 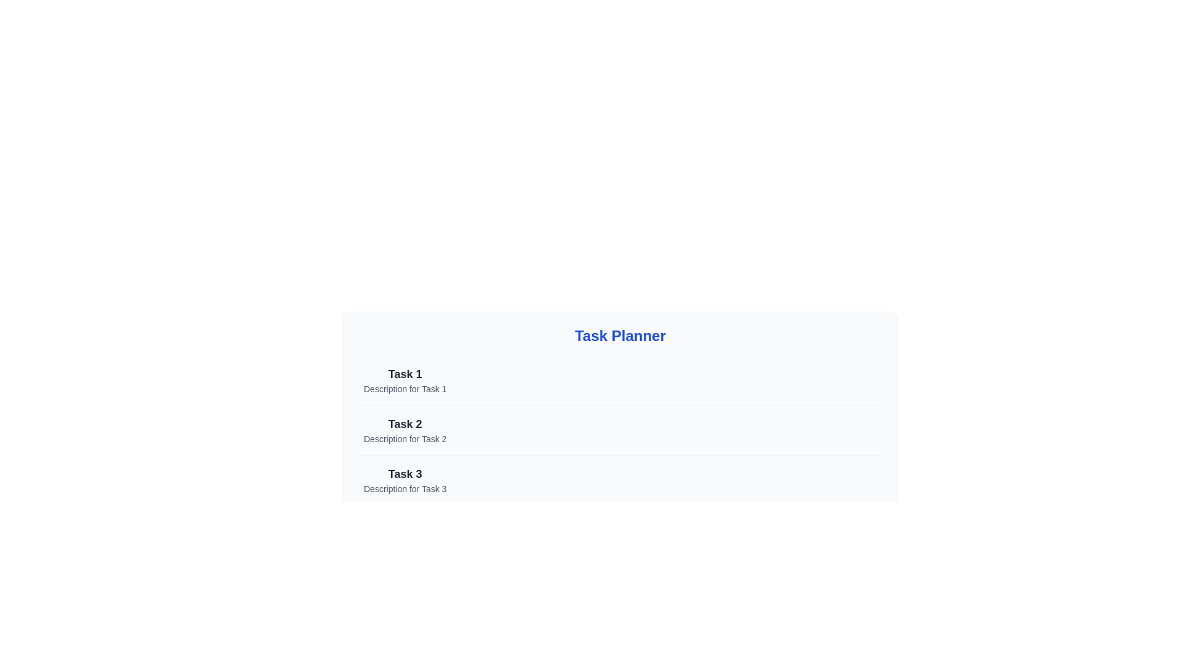 I want to click on the Text block representing a task entry, located between 'Task 1' and 'Task 3' in the task planner interface, so click(x=405, y=430).